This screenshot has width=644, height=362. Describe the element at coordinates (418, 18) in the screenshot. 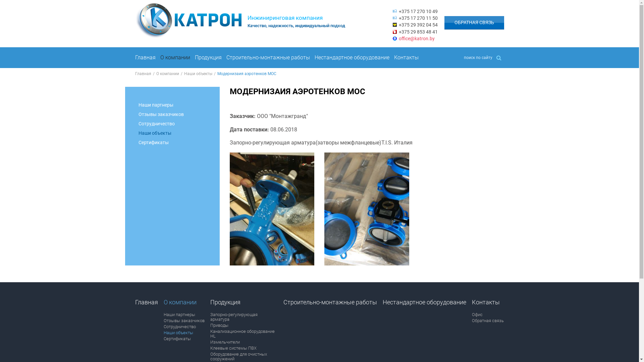

I see `'+375 17 270 11 50'` at that location.